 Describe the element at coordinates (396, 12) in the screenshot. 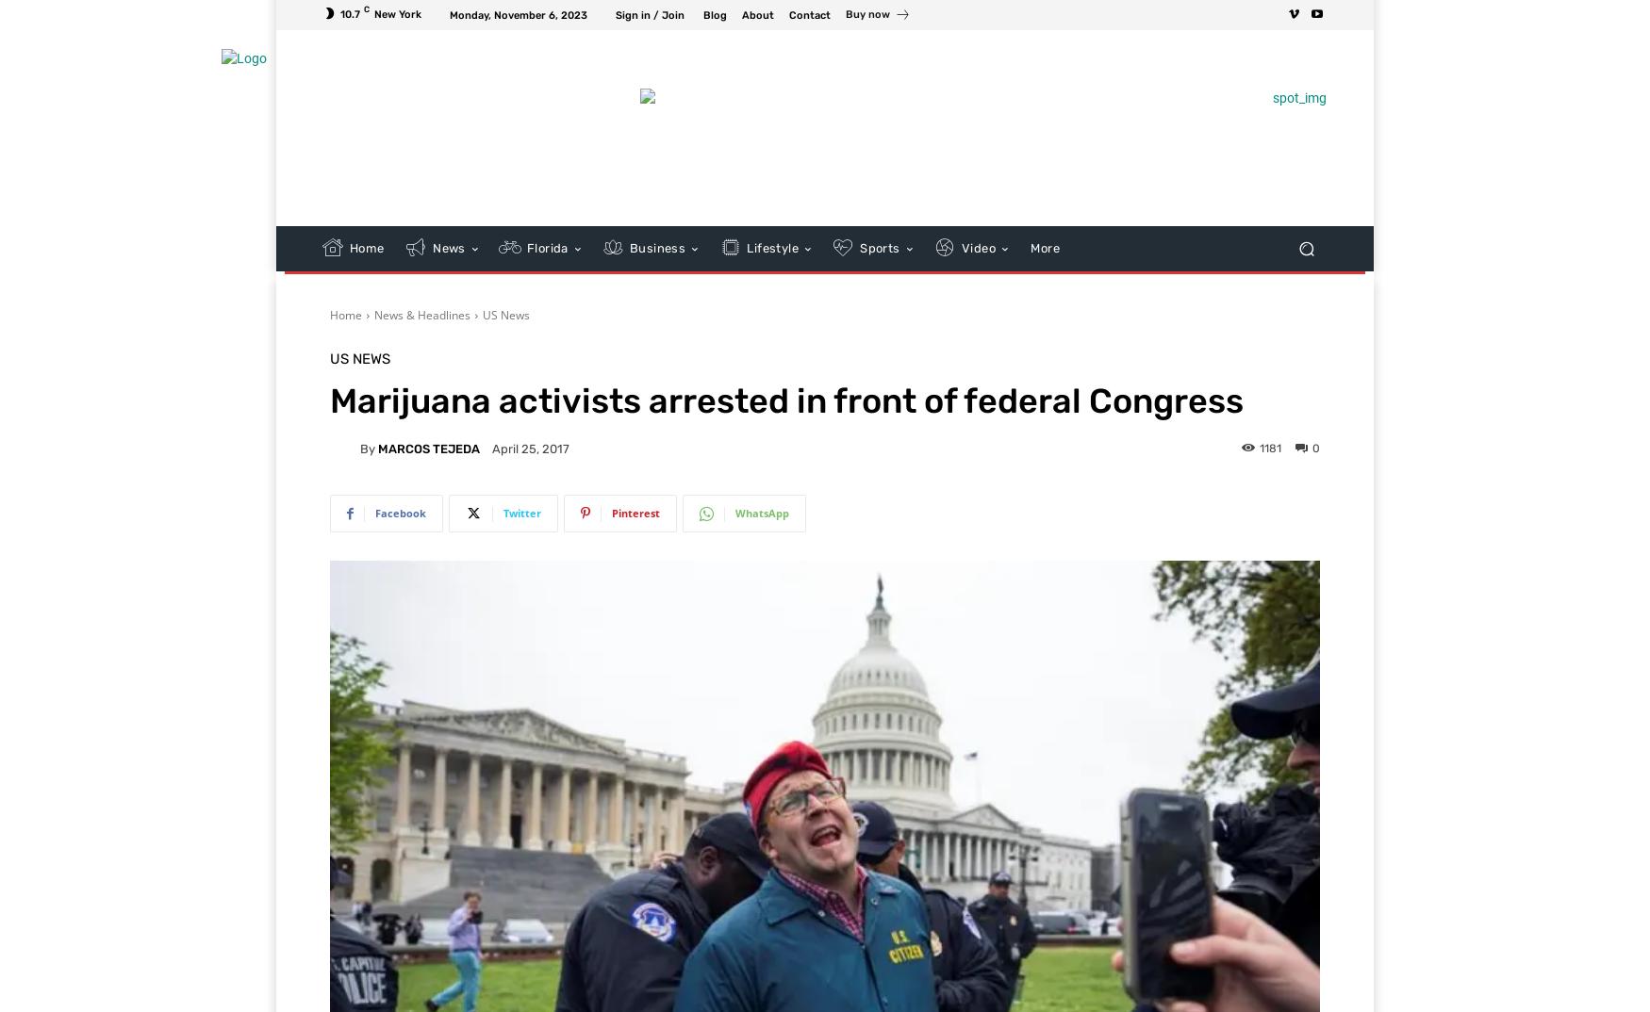

I see `'New York'` at that location.